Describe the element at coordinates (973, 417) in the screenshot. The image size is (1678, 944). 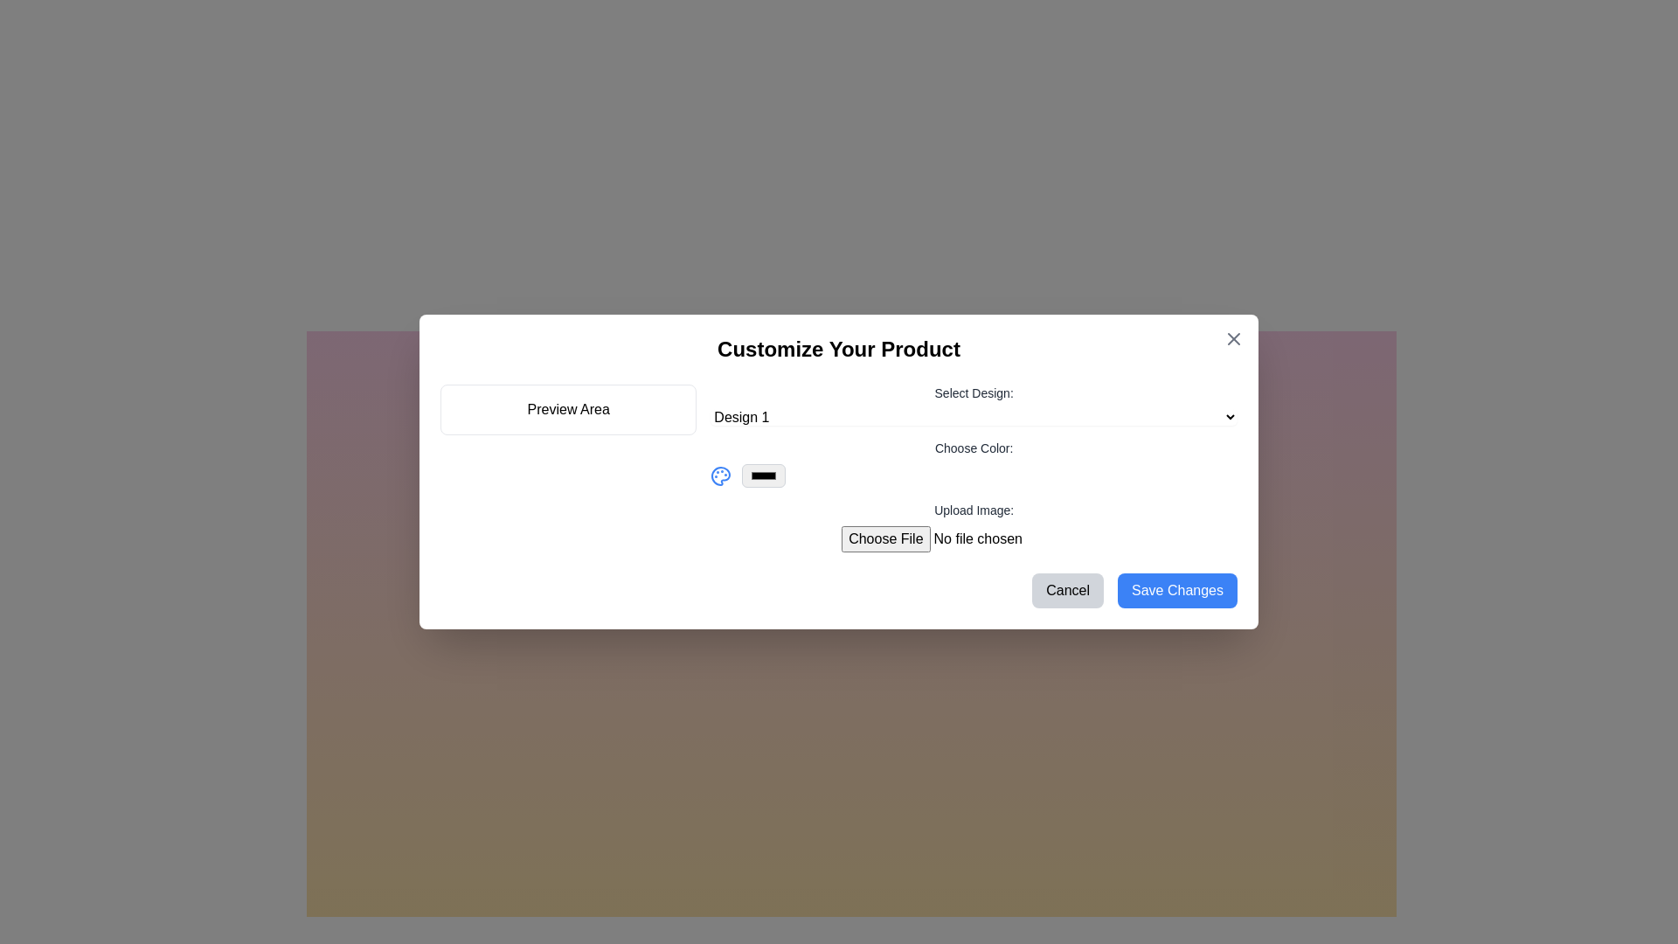
I see `the dropdown menu labeled 'Select Design:'` at that location.